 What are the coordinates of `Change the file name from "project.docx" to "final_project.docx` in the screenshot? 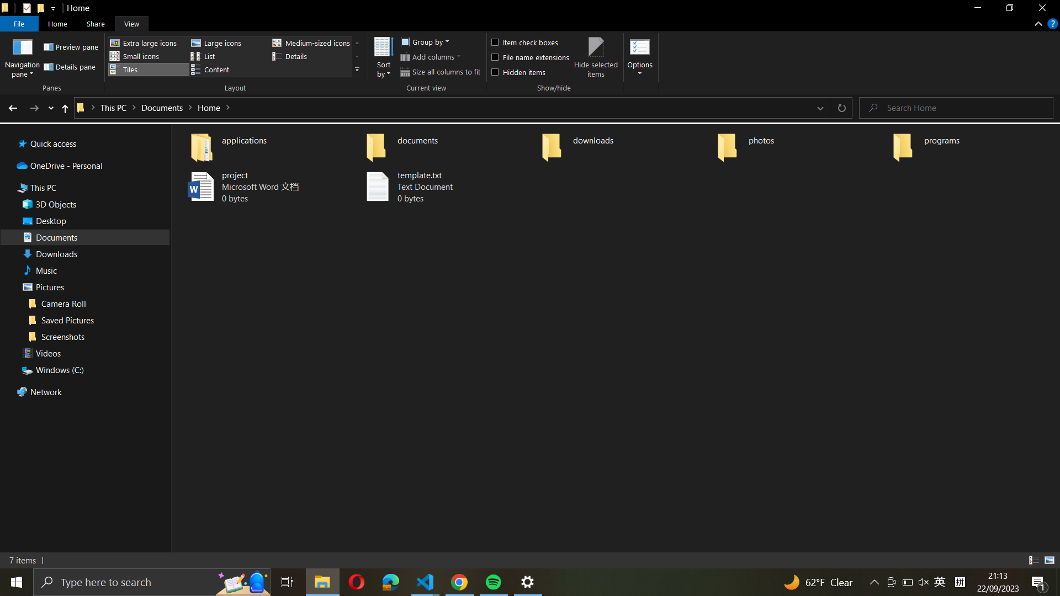 It's located at (263, 187).